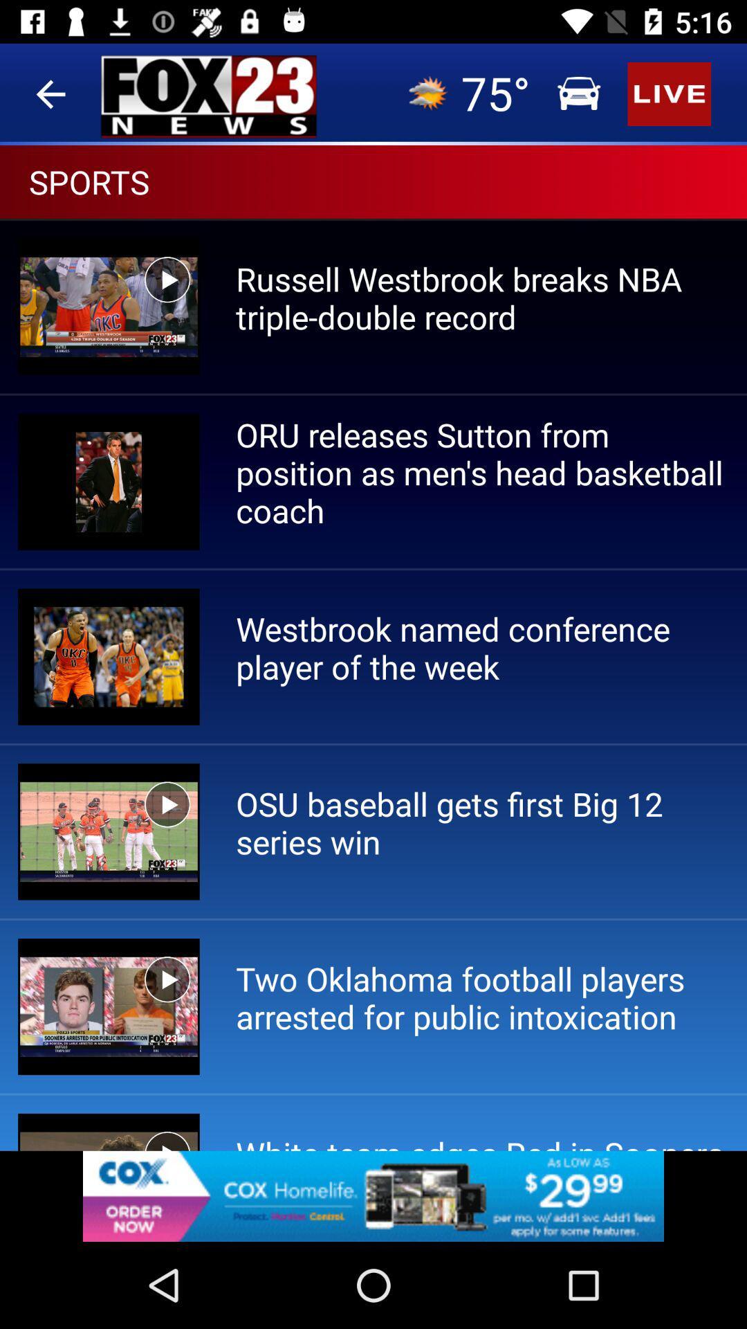  What do you see at coordinates (373, 355) in the screenshot?
I see `the live icon which is at the top right side of the page` at bounding box center [373, 355].